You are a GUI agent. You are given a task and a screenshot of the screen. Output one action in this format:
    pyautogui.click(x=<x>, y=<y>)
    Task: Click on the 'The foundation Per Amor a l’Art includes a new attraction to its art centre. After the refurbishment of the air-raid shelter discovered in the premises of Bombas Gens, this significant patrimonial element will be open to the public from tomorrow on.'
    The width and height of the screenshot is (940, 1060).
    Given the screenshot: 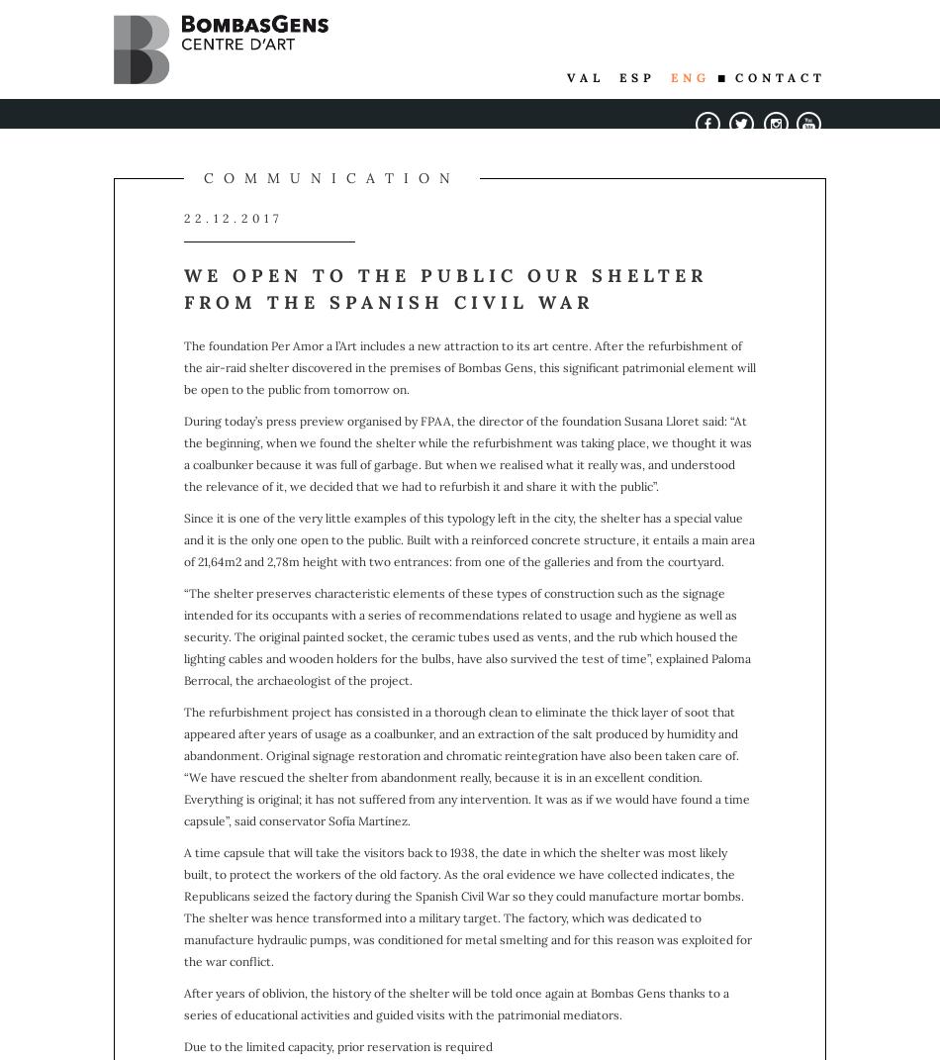 What is the action you would take?
    pyautogui.click(x=470, y=366)
    